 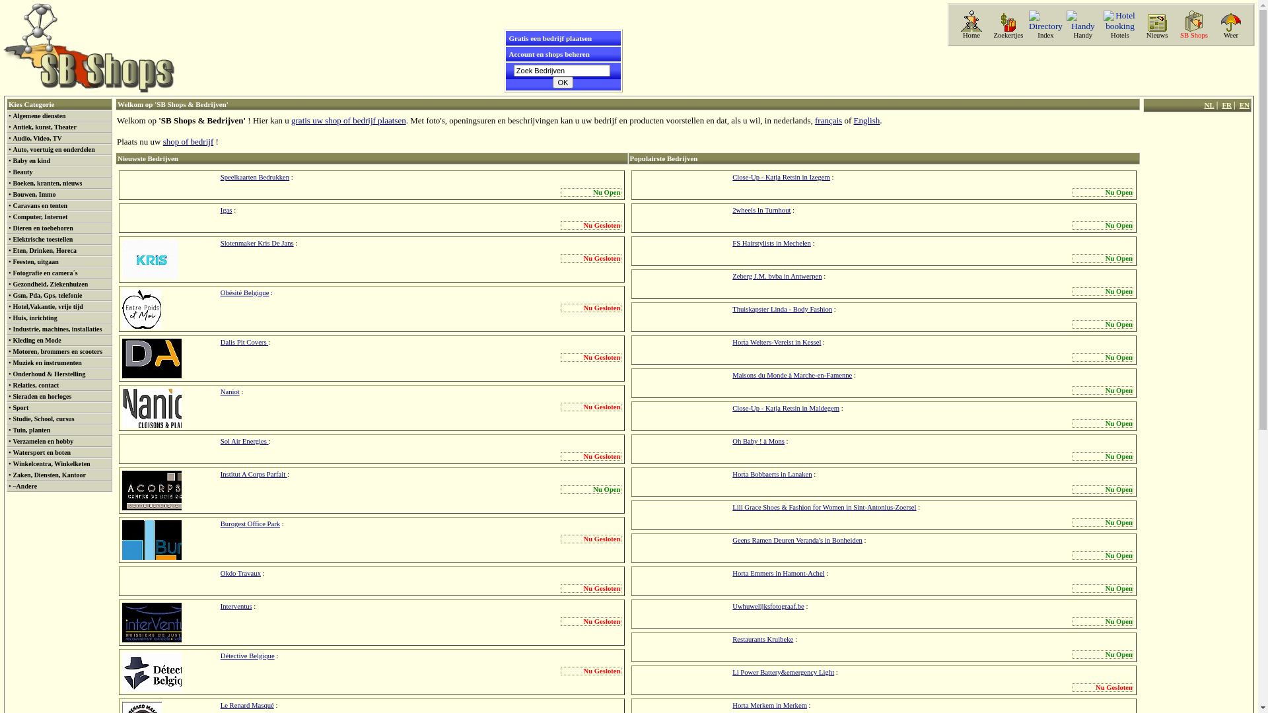 What do you see at coordinates (31, 160) in the screenshot?
I see `'Baby en kind'` at bounding box center [31, 160].